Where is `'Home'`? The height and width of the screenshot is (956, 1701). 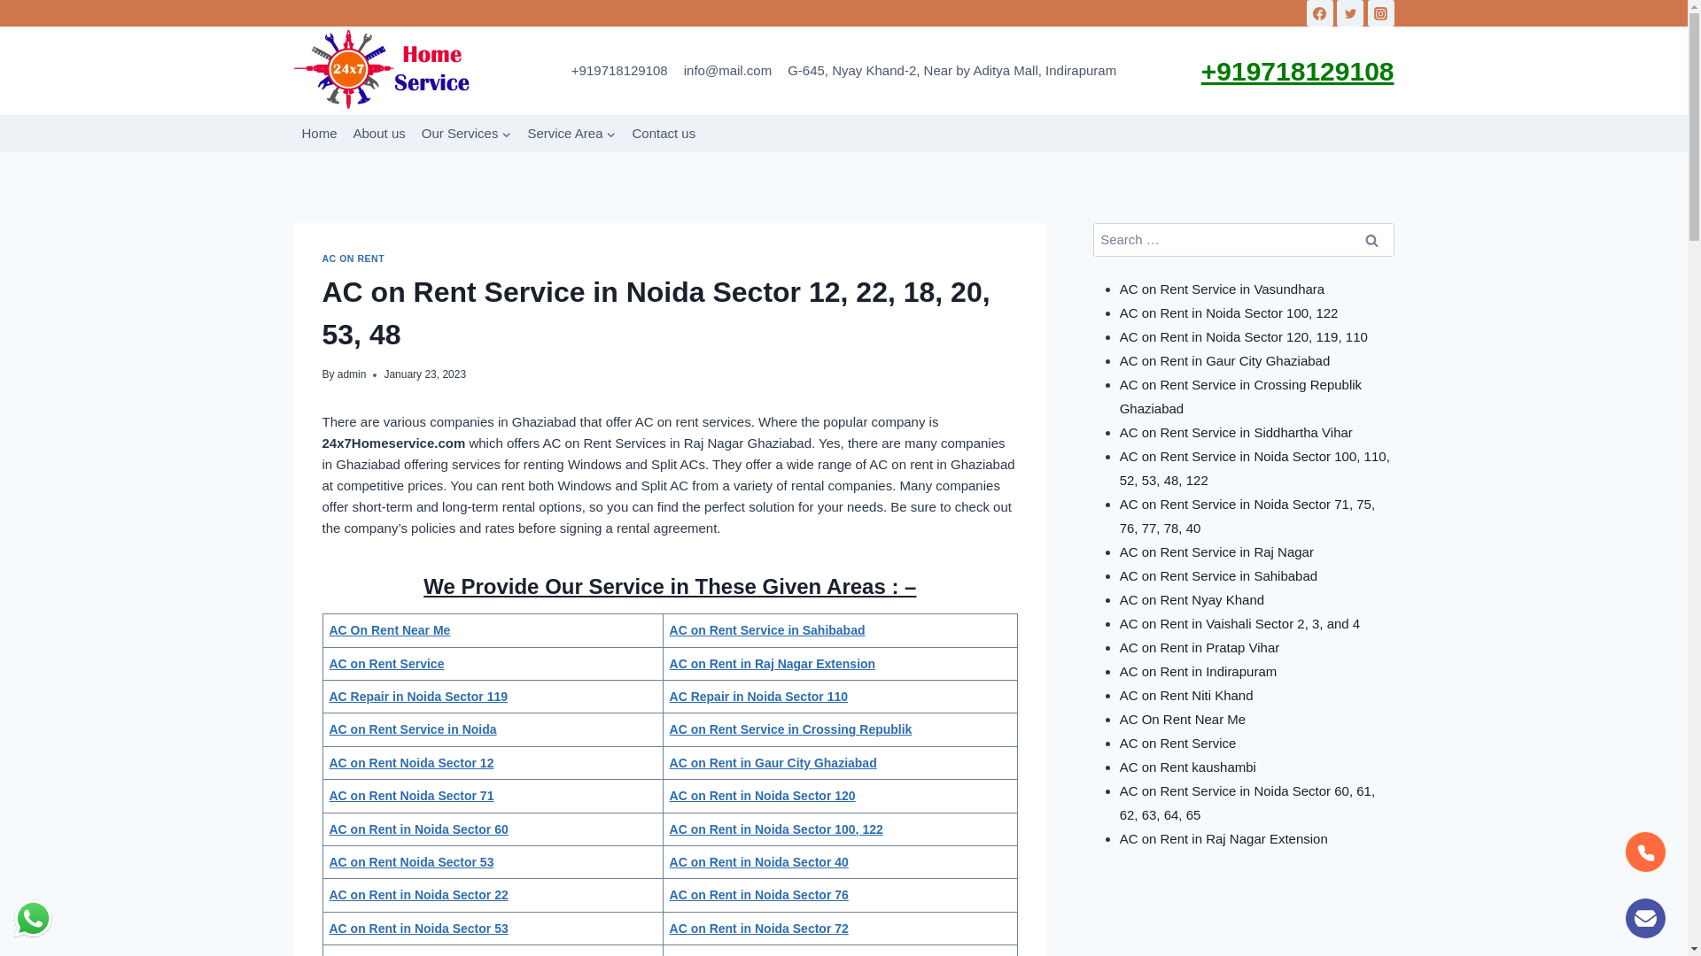 'Home' is located at coordinates (319, 132).